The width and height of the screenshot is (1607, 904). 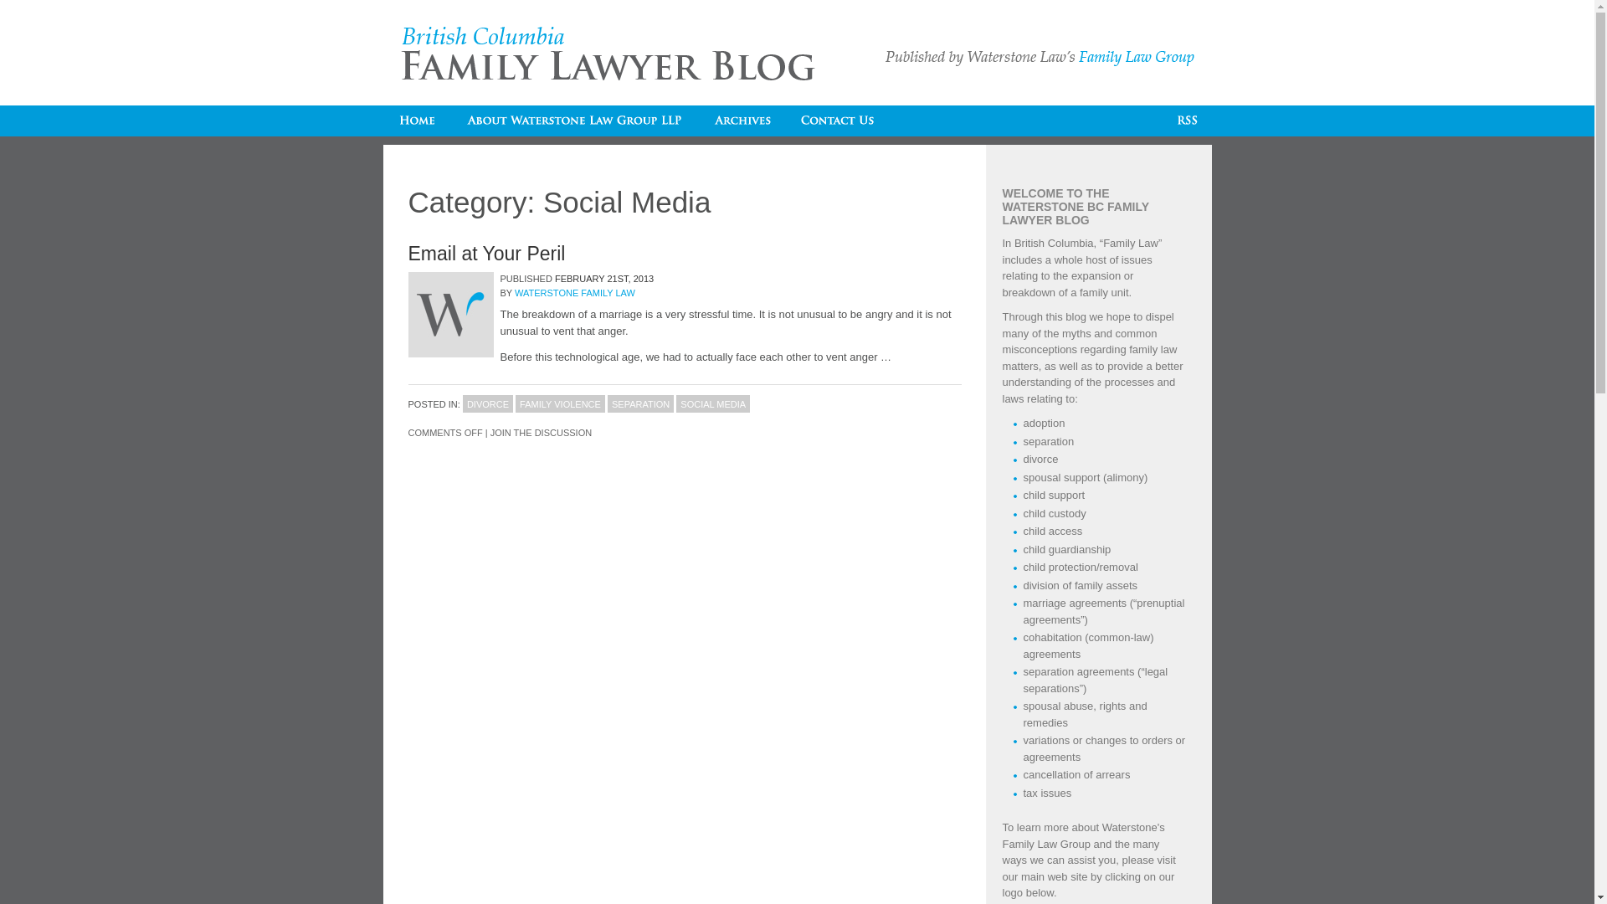 I want to click on 'RSS', so click(x=1163, y=120).